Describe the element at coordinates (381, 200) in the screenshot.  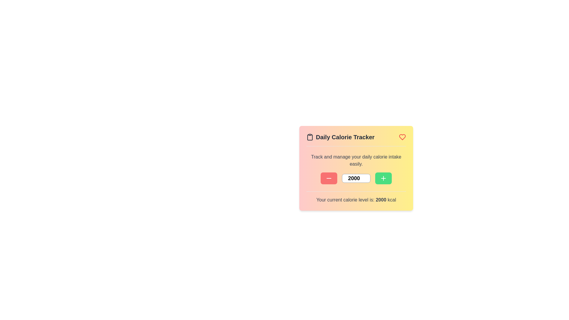
I see `the numeric value '2000' displayed in the sentence 'Your current calorie level is: 2000 kcal' at the bottom center of the 'Daily Calorie Tracker' panel` at that location.